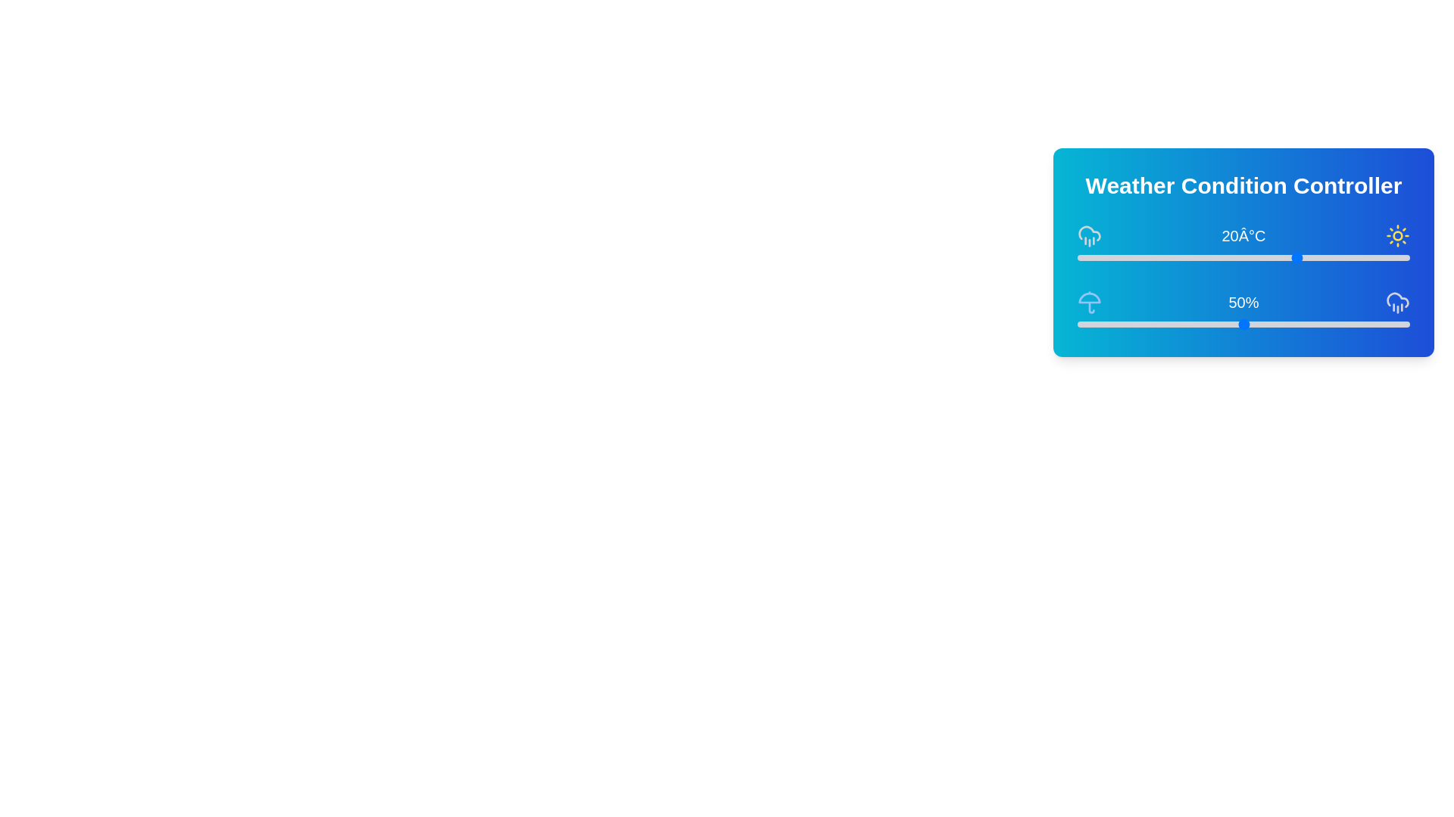 The image size is (1454, 817). What do you see at coordinates (1393, 256) in the screenshot?
I see `the temperature slider to 37°C` at bounding box center [1393, 256].